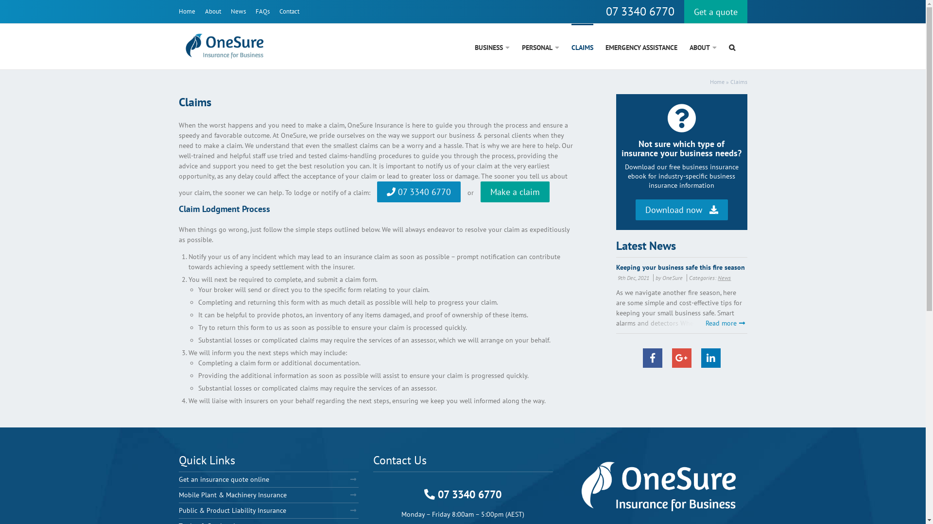  Describe the element at coordinates (702, 46) in the screenshot. I see `'ABOUT'` at that location.